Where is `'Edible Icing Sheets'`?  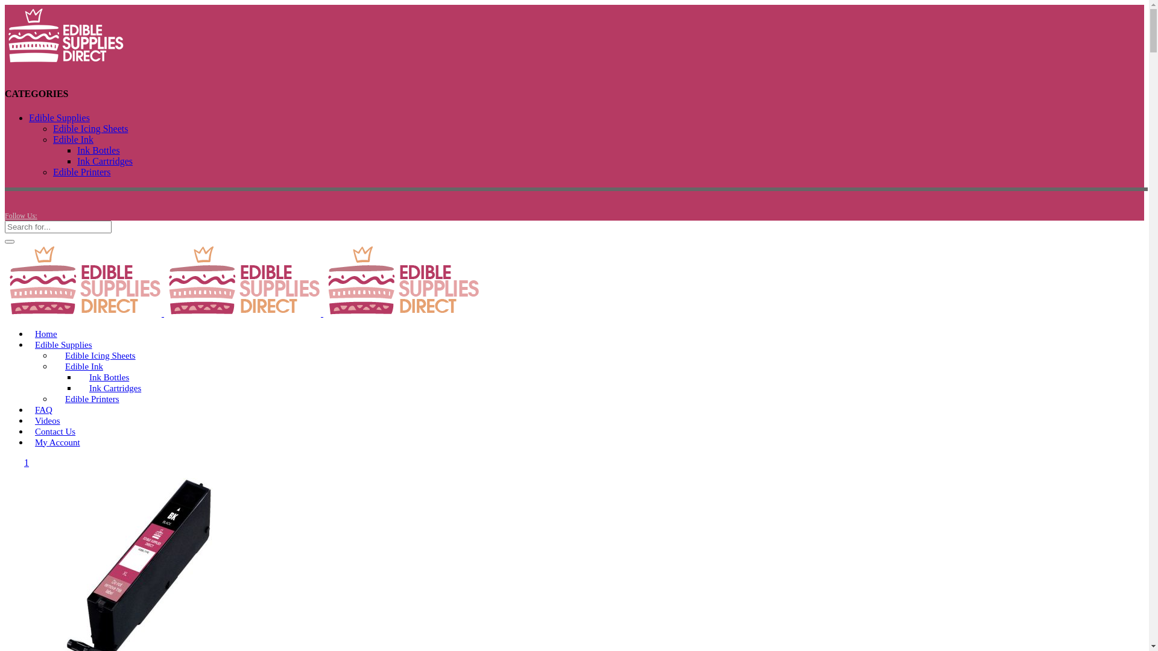 'Edible Icing Sheets' is located at coordinates (100, 355).